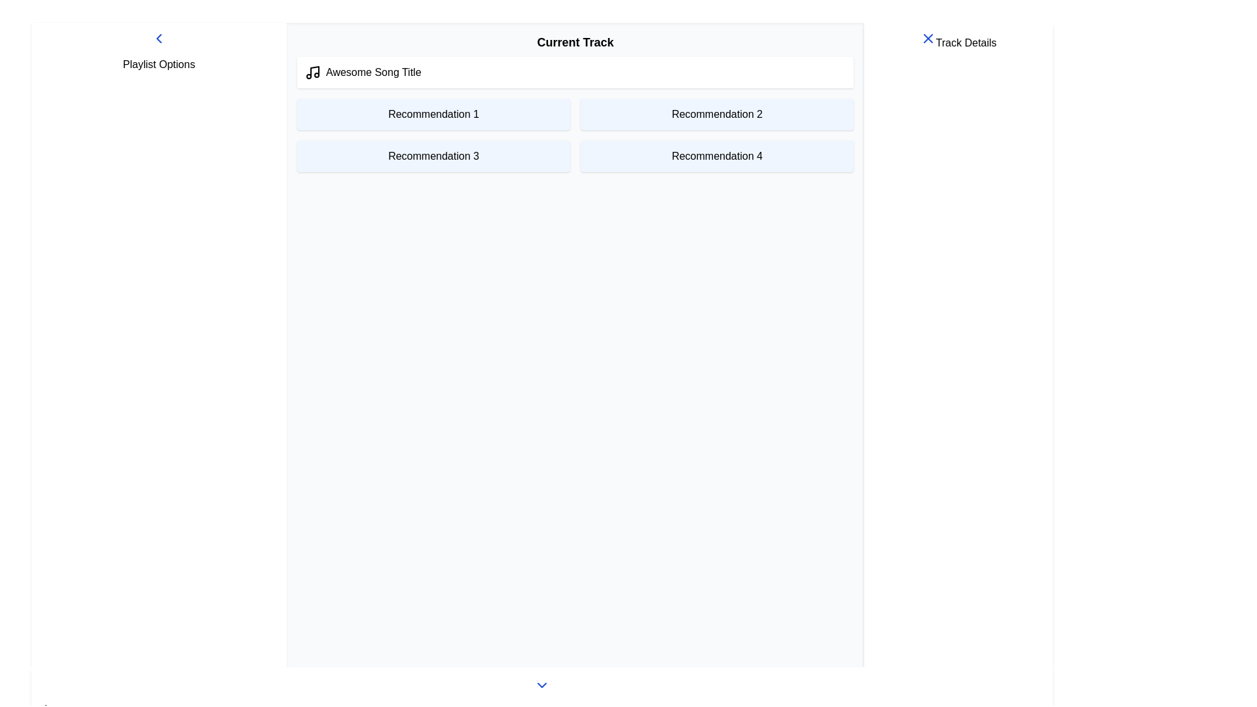 The width and height of the screenshot is (1257, 707). What do you see at coordinates (542, 684) in the screenshot?
I see `the blue downward-pointing chevron icon in the 'Play Bar'` at bounding box center [542, 684].